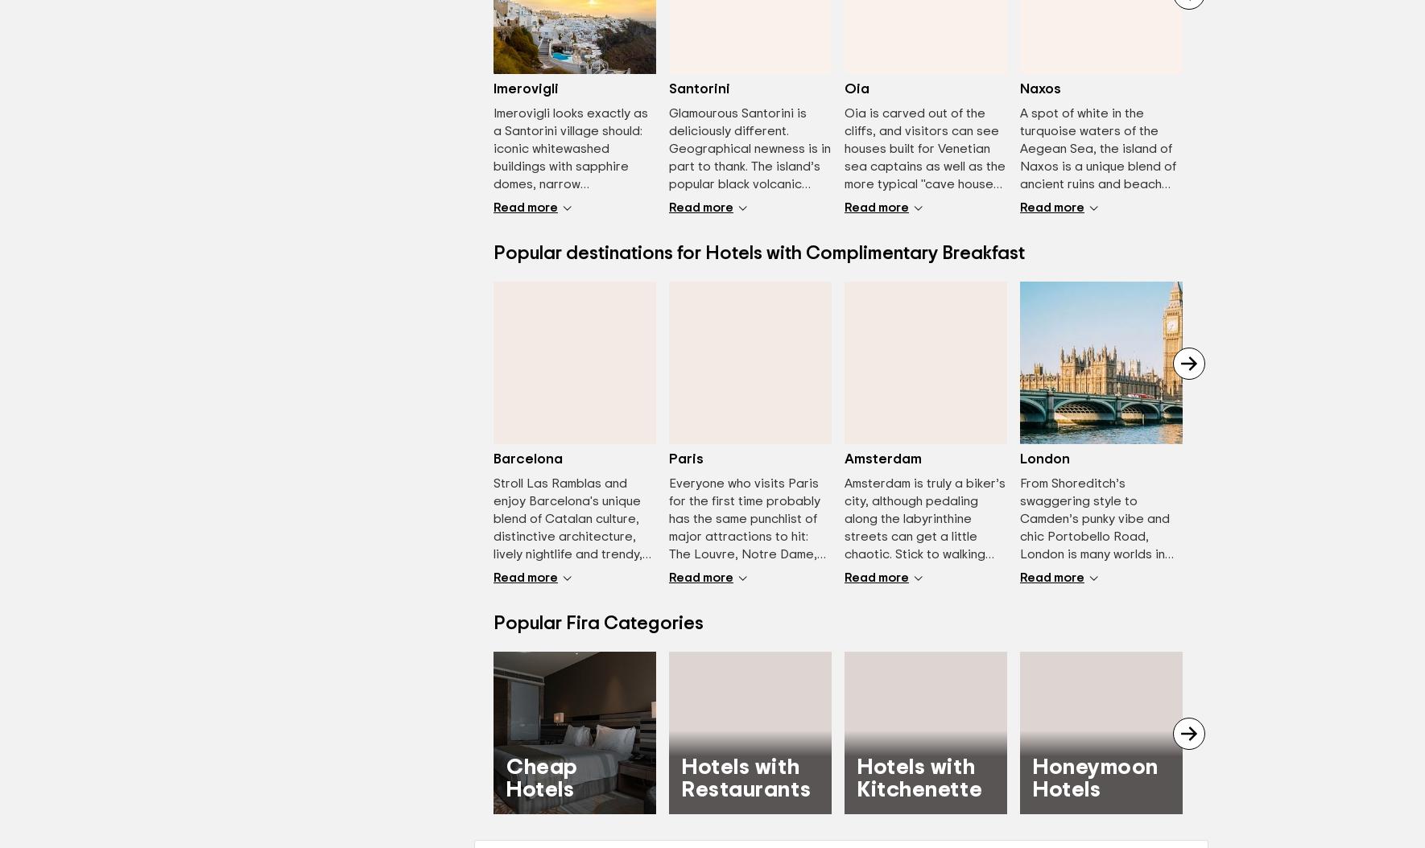 The width and height of the screenshot is (1425, 848). I want to click on 'Lisbon', so click(1216, 459).